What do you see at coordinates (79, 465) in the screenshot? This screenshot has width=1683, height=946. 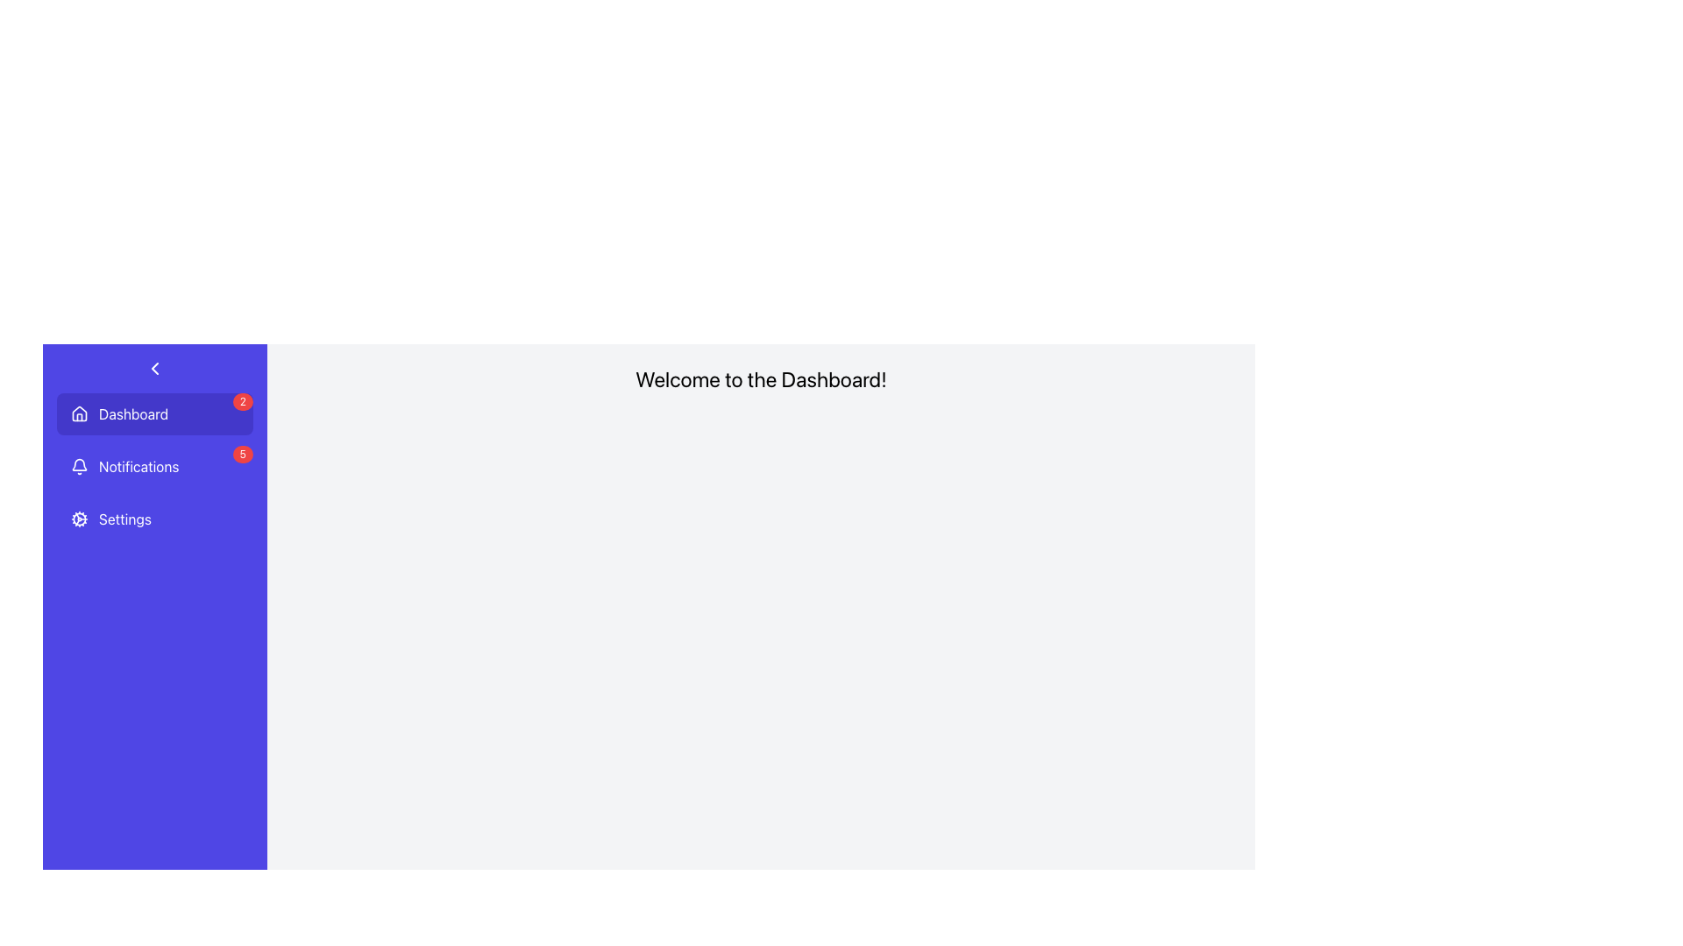 I see `the bell icon representing the notifications feature located in the sidebar, positioned before the 'Notifications' label` at bounding box center [79, 465].